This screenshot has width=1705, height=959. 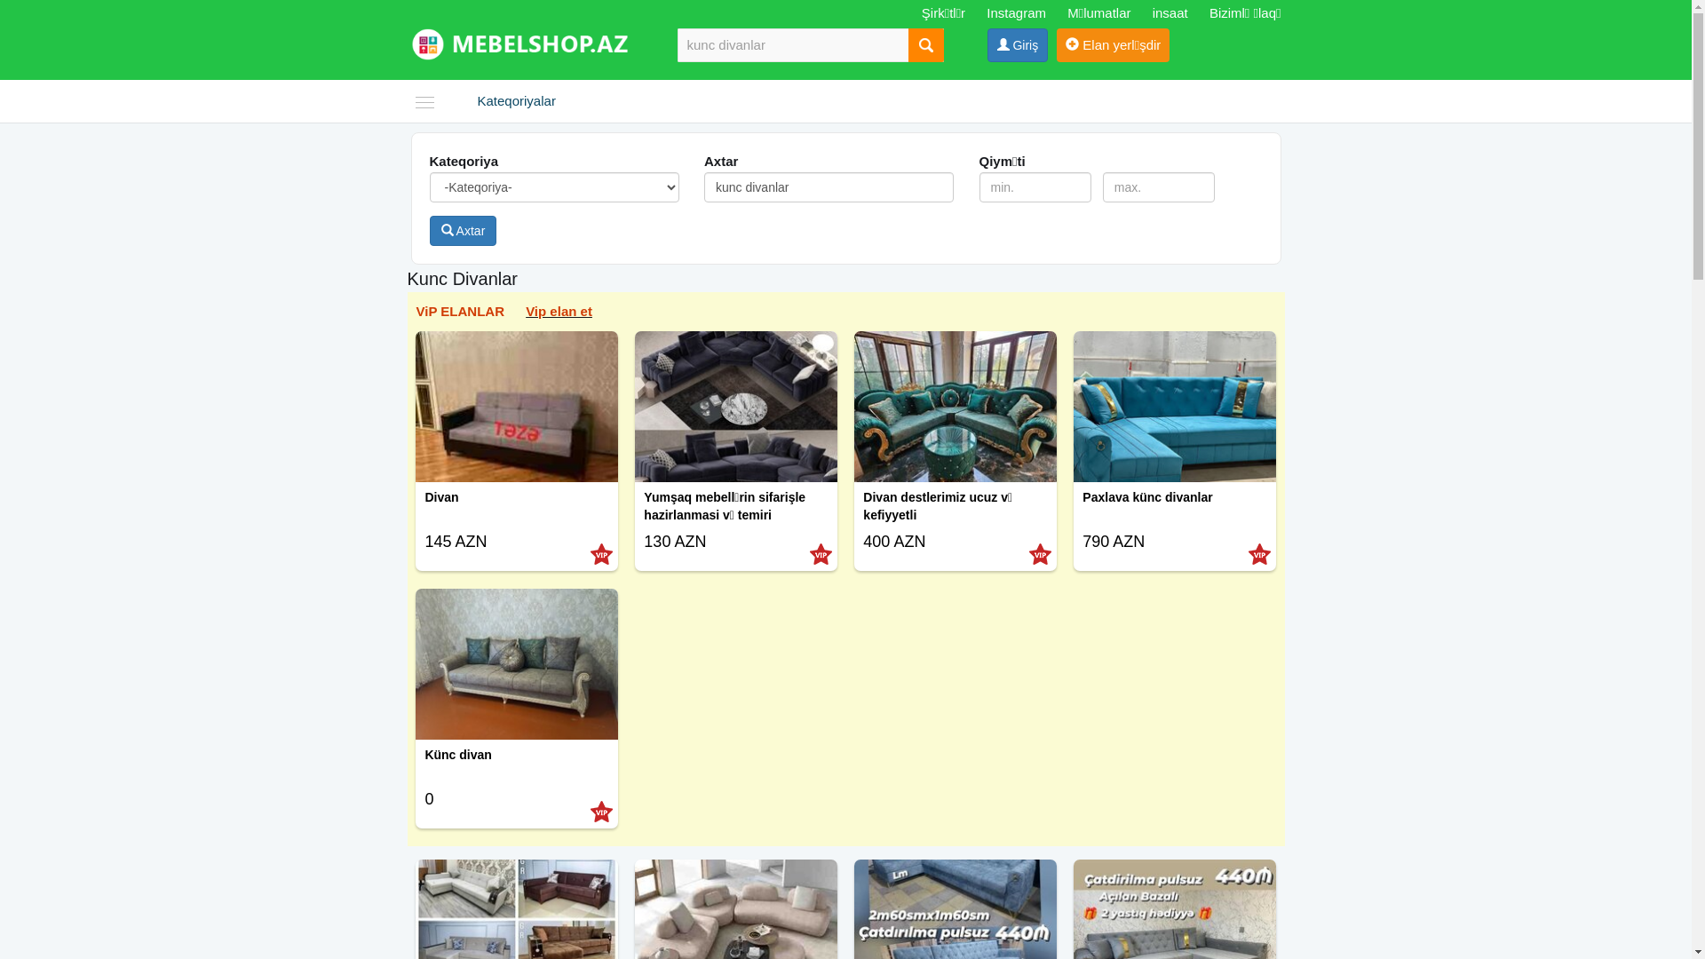 What do you see at coordinates (464, 101) in the screenshot?
I see `'Kateqoriyalar'` at bounding box center [464, 101].